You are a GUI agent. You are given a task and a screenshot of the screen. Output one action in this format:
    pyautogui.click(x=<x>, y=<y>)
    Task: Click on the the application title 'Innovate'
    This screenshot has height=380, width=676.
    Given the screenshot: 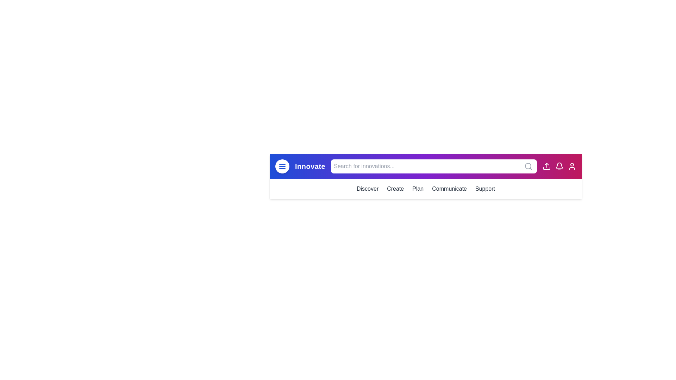 What is the action you would take?
    pyautogui.click(x=310, y=166)
    